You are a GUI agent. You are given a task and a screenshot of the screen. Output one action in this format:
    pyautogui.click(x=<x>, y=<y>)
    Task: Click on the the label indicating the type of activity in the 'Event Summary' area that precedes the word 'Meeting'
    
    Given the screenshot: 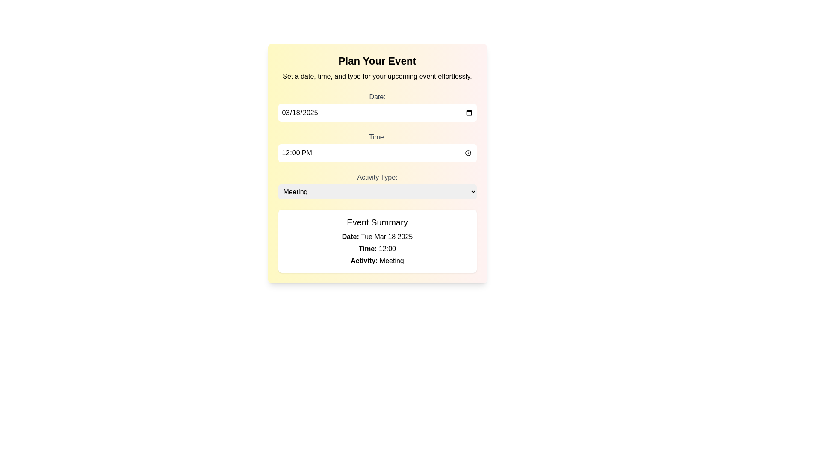 What is the action you would take?
    pyautogui.click(x=364, y=260)
    